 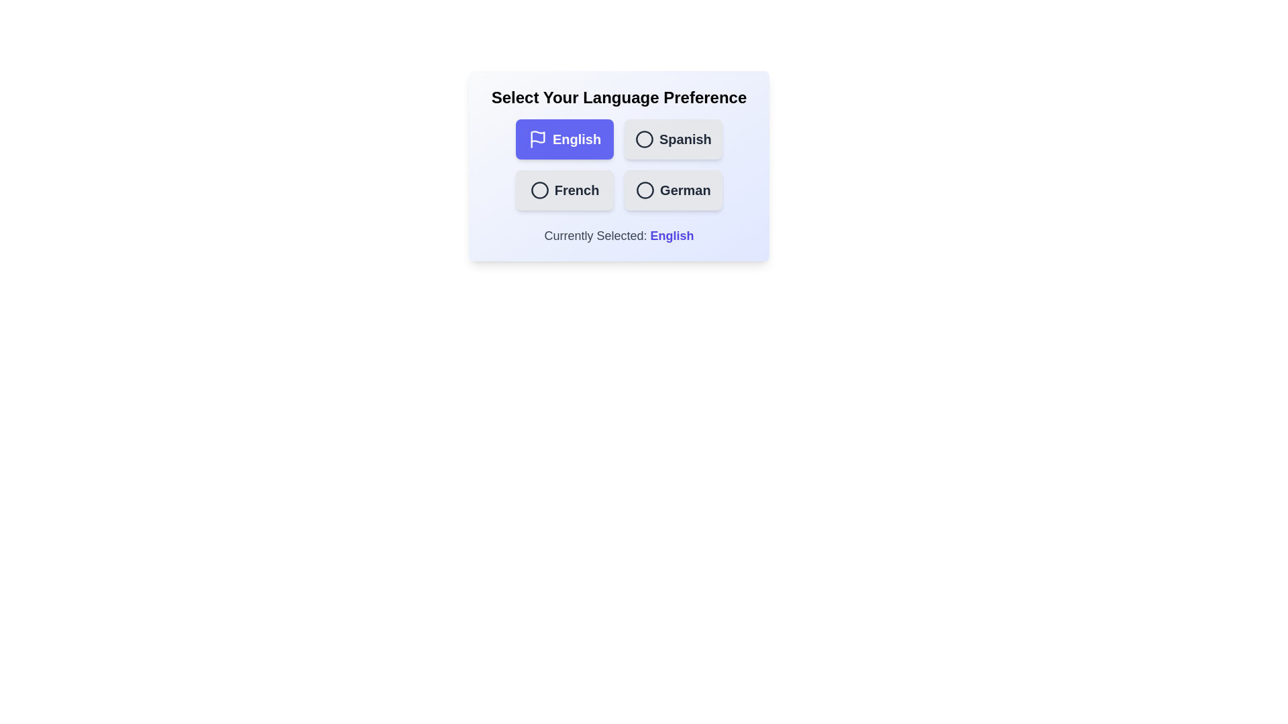 I want to click on the language English by clicking on its button, so click(x=564, y=139).